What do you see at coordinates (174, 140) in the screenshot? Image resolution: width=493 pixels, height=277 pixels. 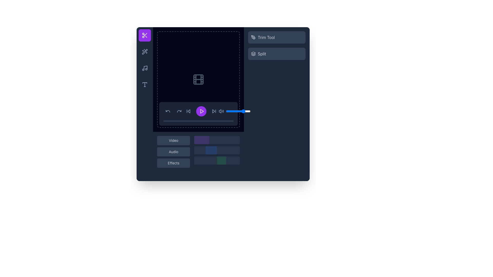 I see `the topmost button in the vertical stack on the left side of the interface` at bounding box center [174, 140].